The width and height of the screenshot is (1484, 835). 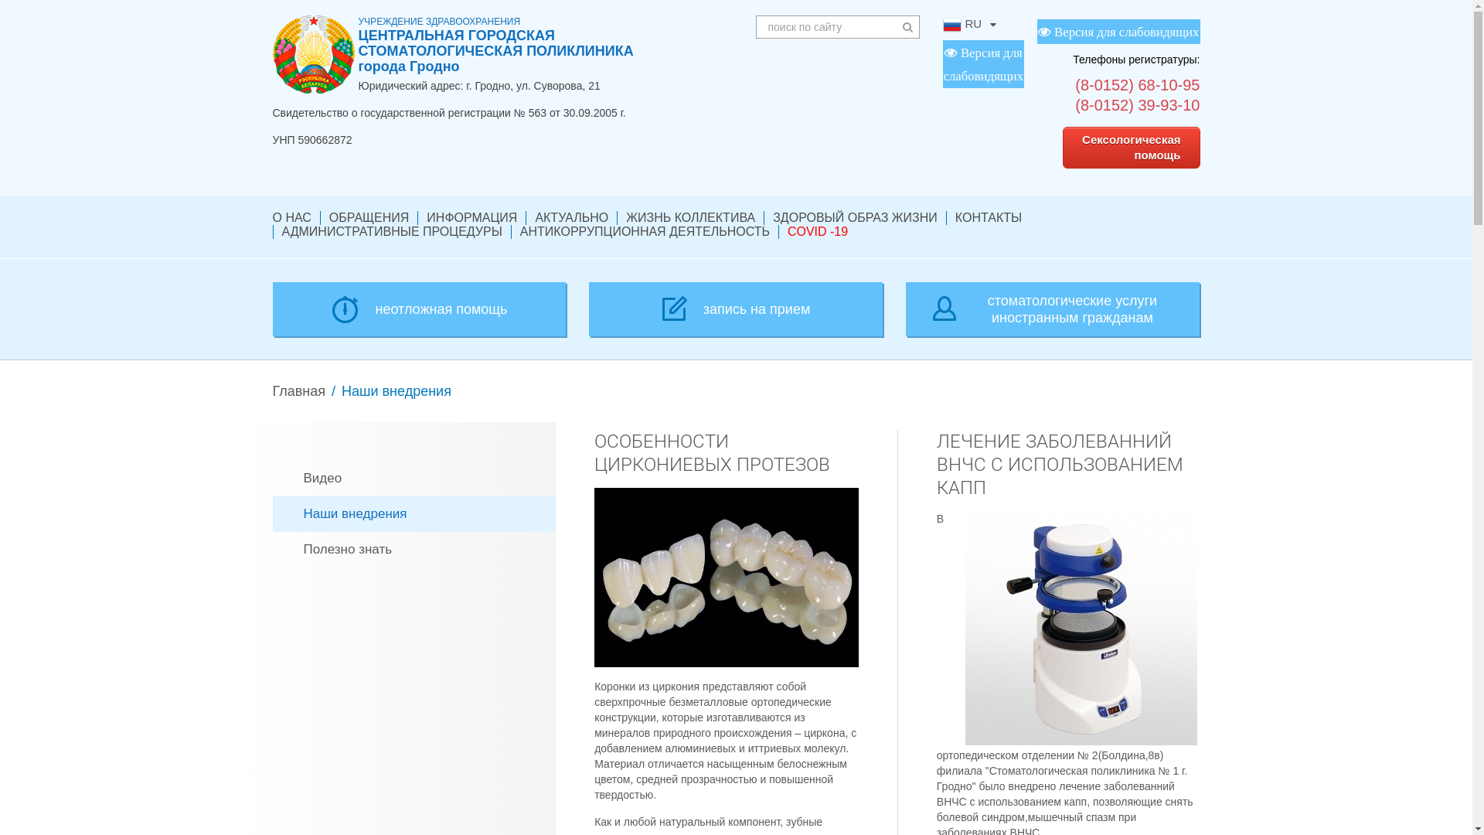 I want to click on 'COVID -19', so click(x=816, y=232).